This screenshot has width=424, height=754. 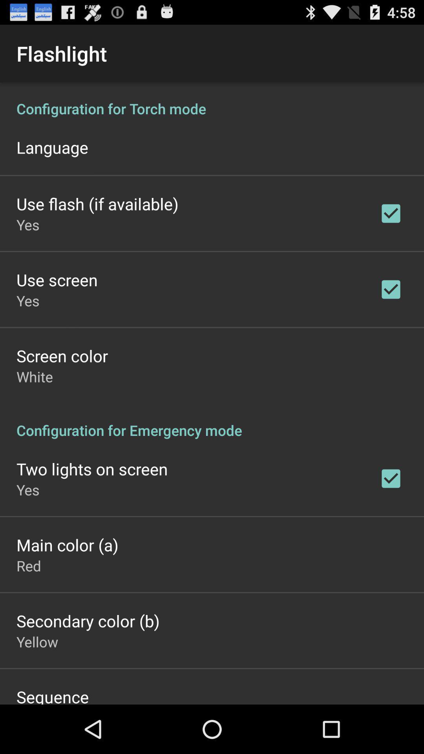 I want to click on item above the yes item, so click(x=97, y=203).